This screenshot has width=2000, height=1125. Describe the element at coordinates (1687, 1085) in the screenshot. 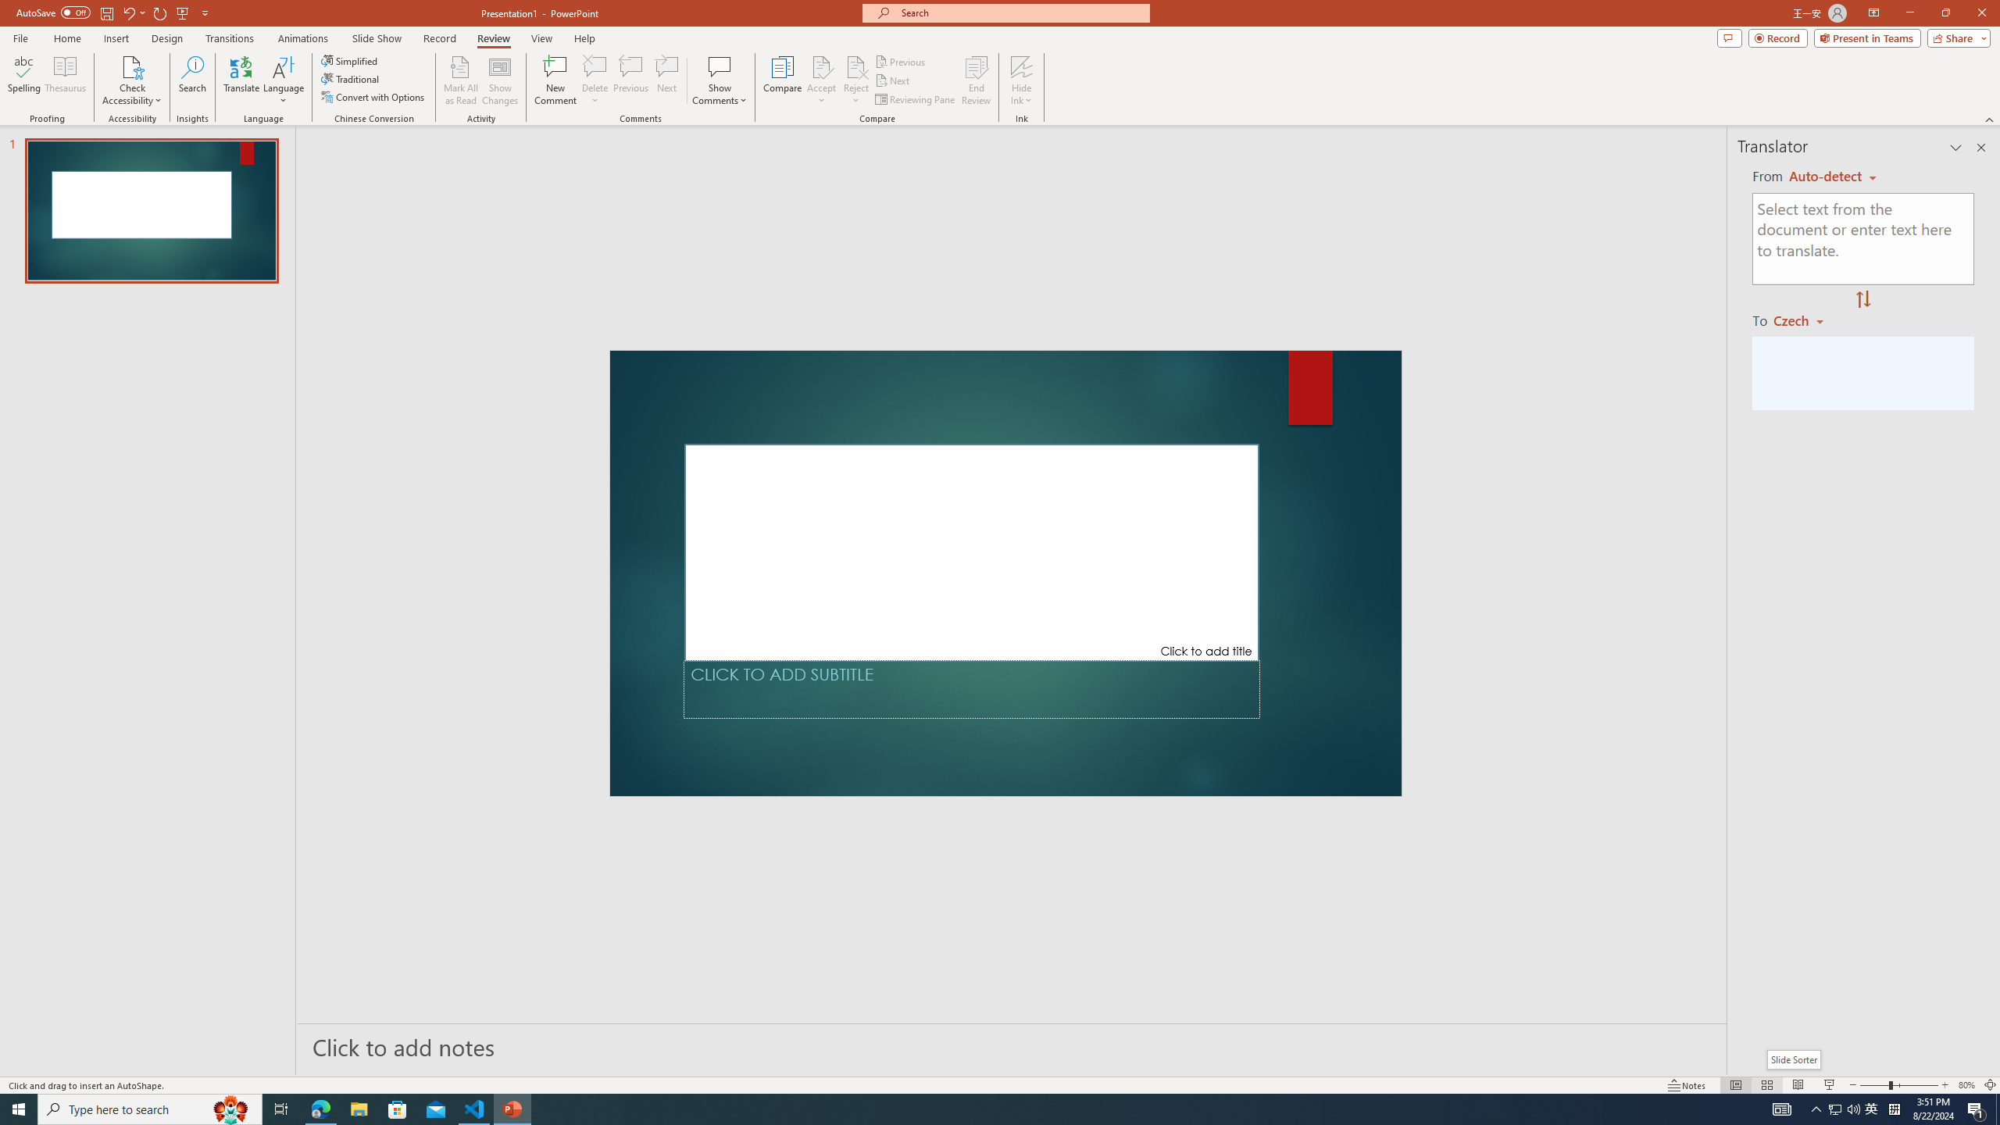

I see `'Notes '` at that location.